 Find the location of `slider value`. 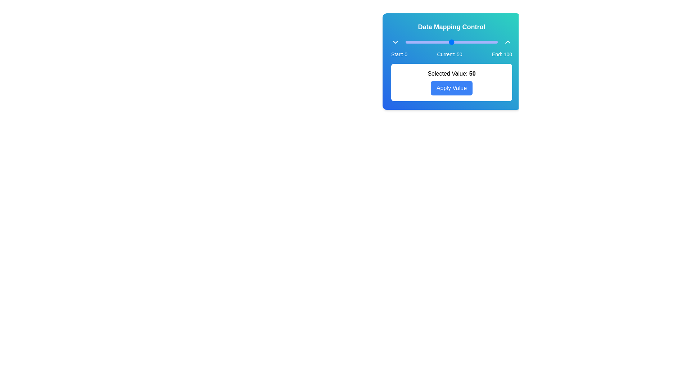

slider value is located at coordinates (477, 40).